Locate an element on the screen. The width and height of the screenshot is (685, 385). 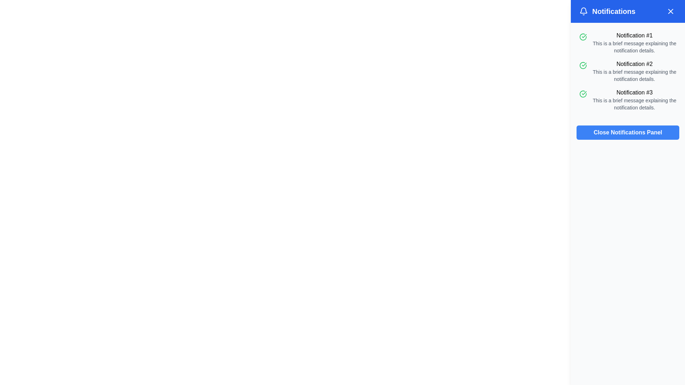
the non-interactive informational text that labels the notification panel in the top-right corner, positioned to the right of the bell icon is located at coordinates (613, 11).